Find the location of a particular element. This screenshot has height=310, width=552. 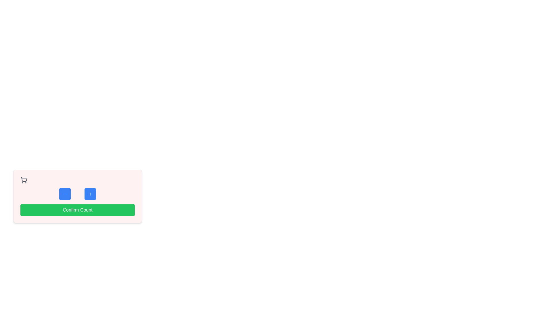

the blue square button with a white minus symbol is located at coordinates (65, 194).